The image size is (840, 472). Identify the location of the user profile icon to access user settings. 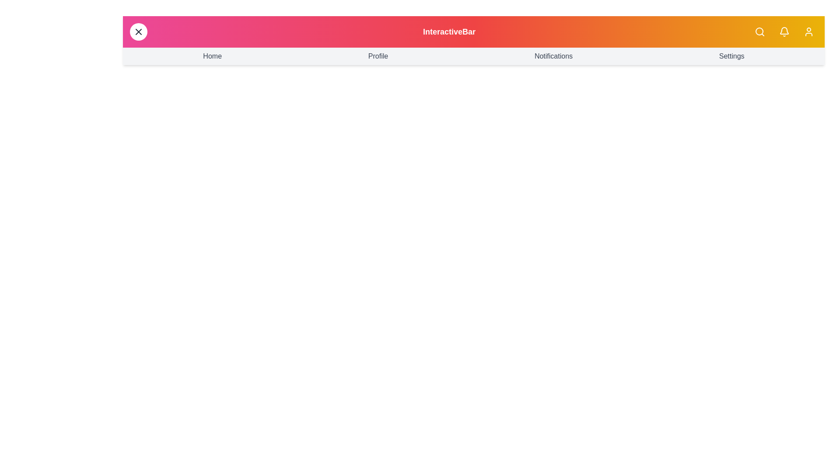
(808, 31).